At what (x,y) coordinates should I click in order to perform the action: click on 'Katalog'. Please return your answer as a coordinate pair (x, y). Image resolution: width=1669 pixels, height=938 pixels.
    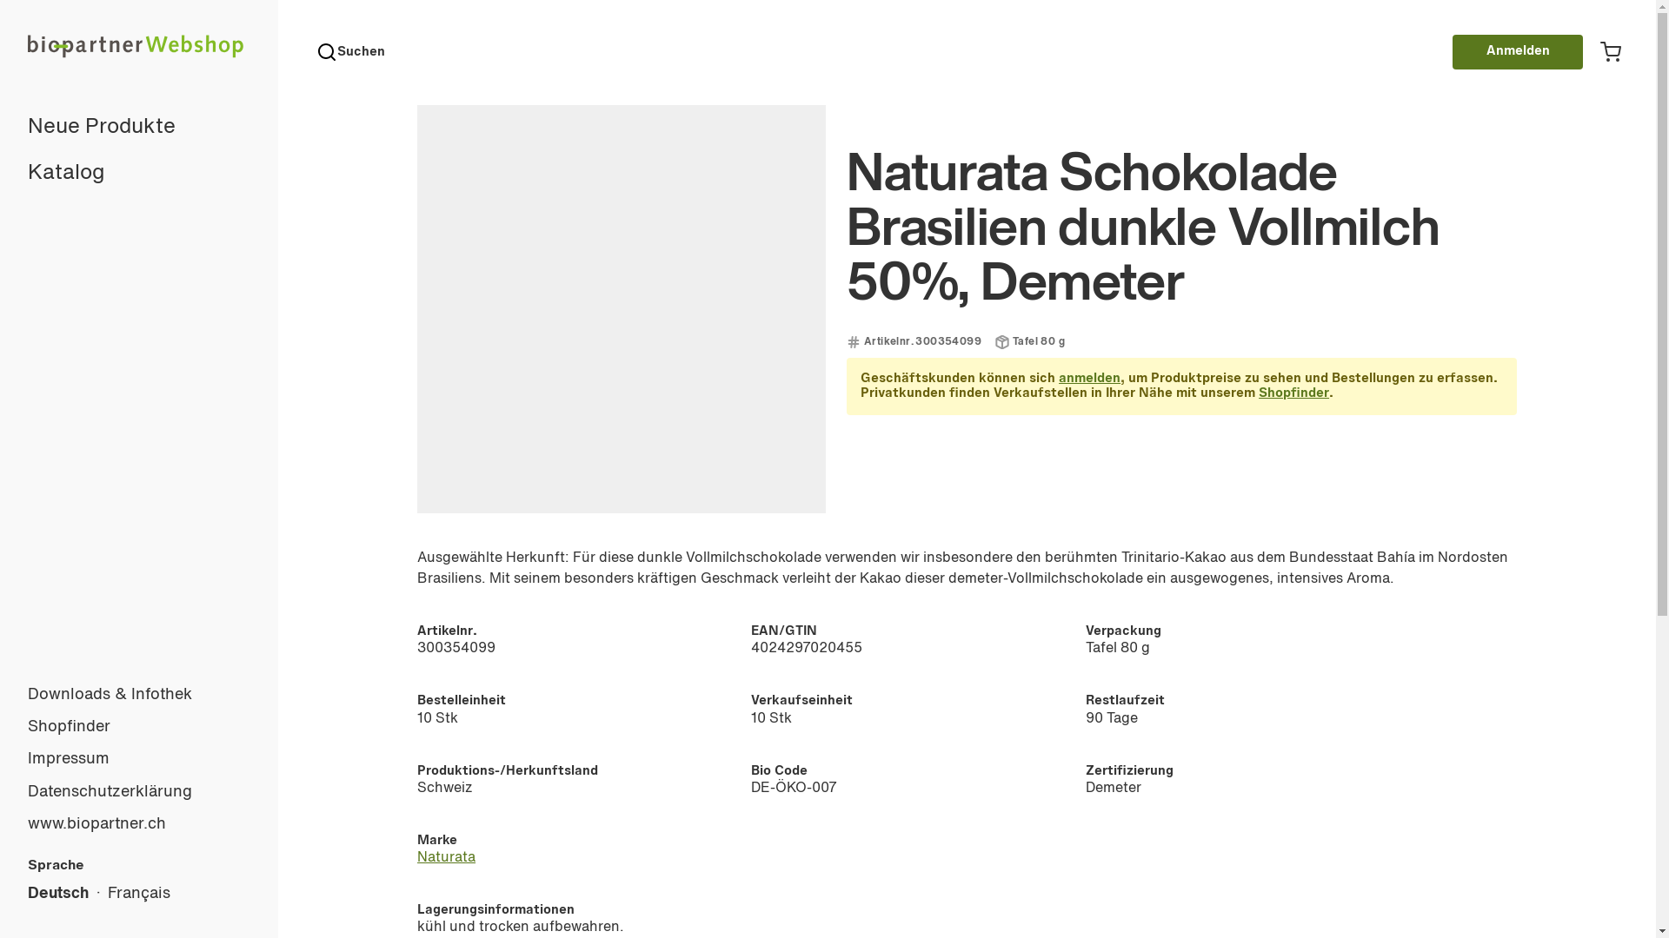
    Looking at the image, I should click on (137, 174).